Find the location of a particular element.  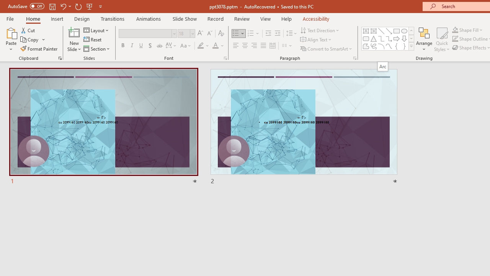

'Right Brace' is located at coordinates (404, 46).